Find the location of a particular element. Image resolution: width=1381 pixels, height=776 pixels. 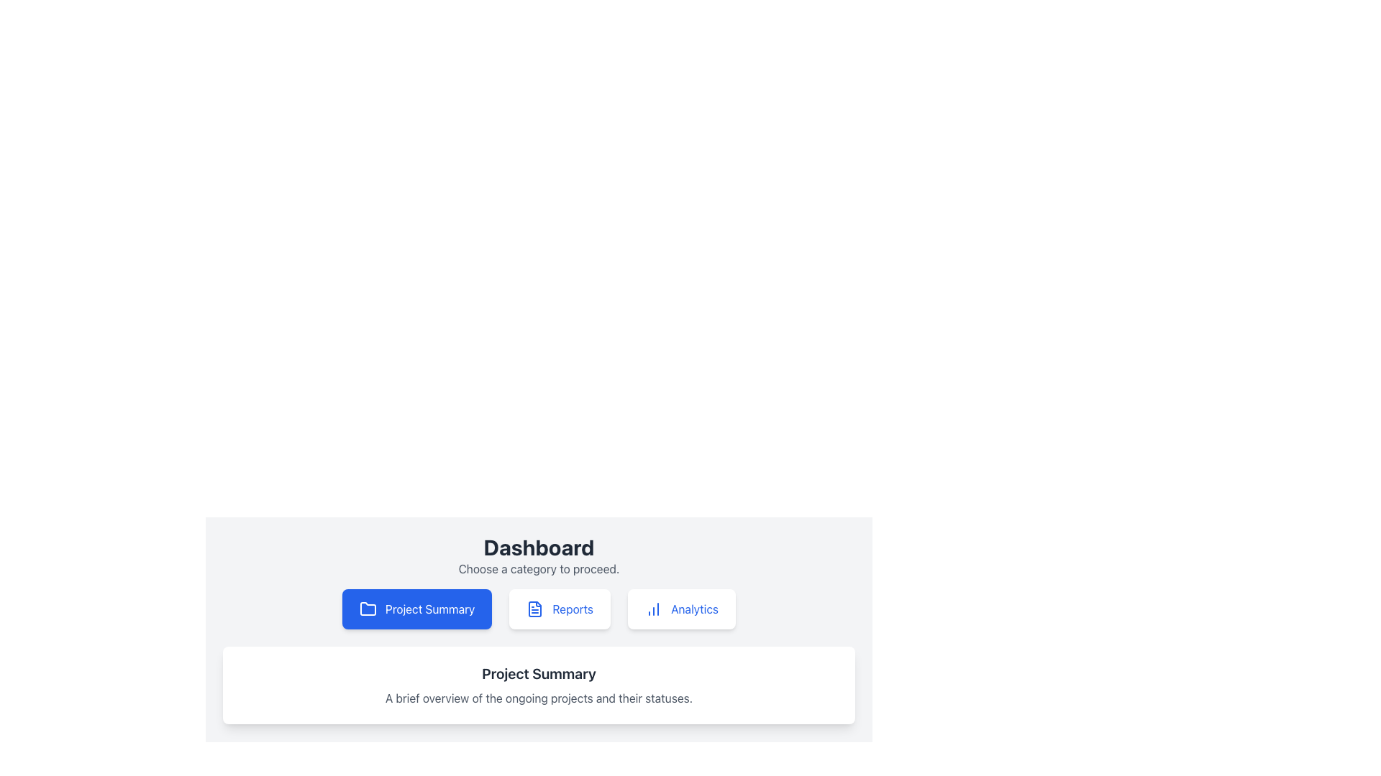

the 'Analytics' button, which is a rectangular button with a white background and blue text, located in the 'Dashboard' section is located at coordinates (681, 609).